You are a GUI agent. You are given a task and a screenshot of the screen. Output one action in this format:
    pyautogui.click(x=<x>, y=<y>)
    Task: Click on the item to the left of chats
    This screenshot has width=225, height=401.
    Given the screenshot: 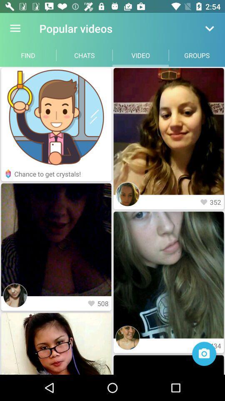 What is the action you would take?
    pyautogui.click(x=28, y=55)
    